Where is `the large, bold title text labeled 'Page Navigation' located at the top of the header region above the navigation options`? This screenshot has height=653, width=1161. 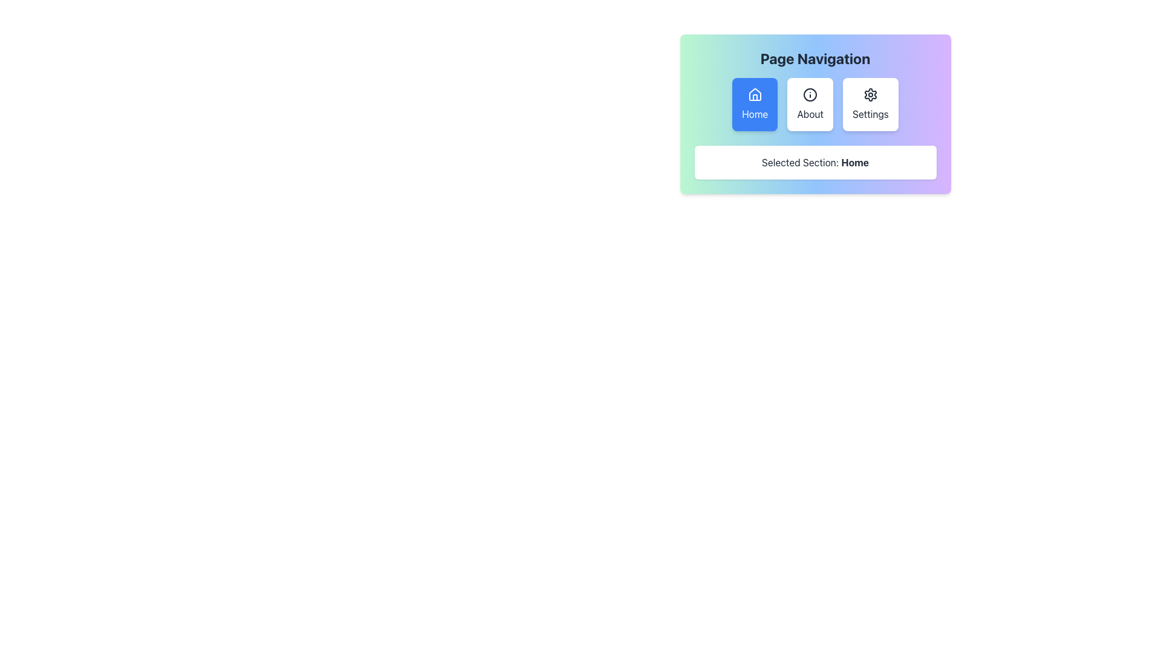
the large, bold title text labeled 'Page Navigation' located at the top of the header region above the navigation options is located at coordinates (815, 58).